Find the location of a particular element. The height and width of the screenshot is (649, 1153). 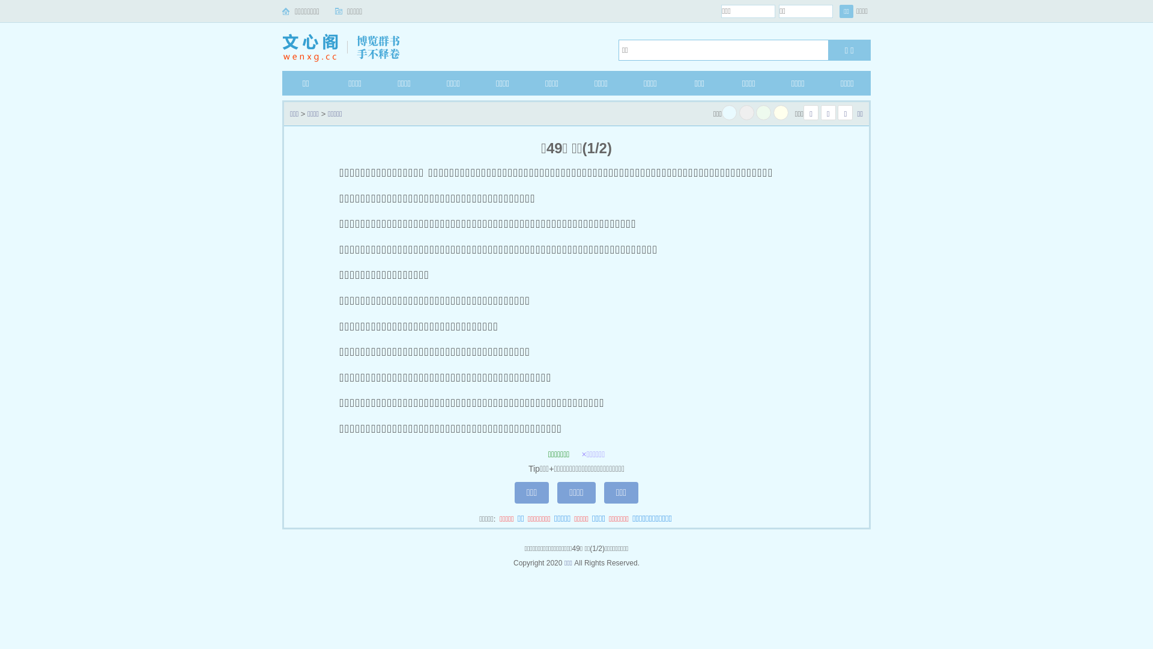

'  ' is located at coordinates (746, 112).